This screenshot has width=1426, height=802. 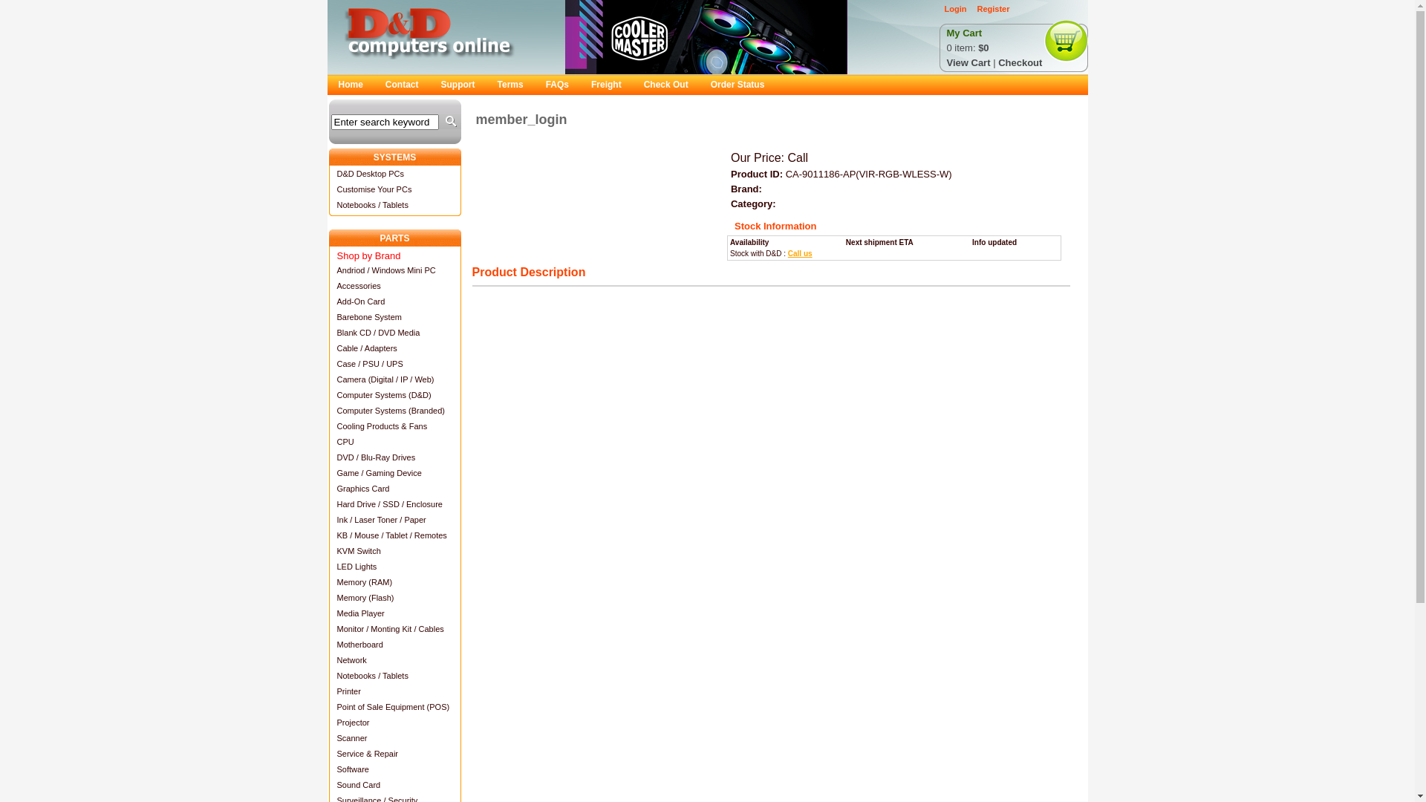 What do you see at coordinates (963, 33) in the screenshot?
I see `'My Cart'` at bounding box center [963, 33].